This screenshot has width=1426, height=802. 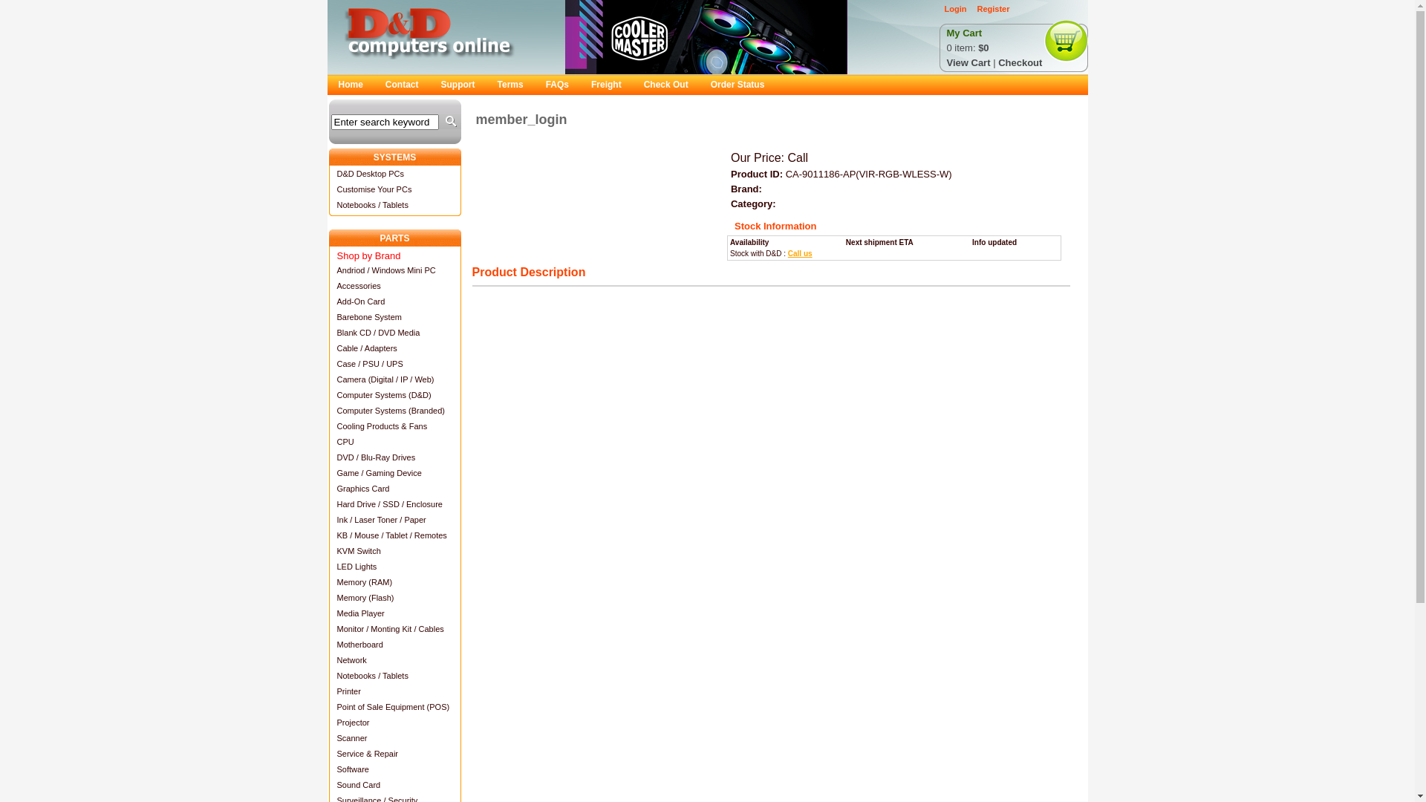 What do you see at coordinates (963, 33) in the screenshot?
I see `'My Cart'` at bounding box center [963, 33].